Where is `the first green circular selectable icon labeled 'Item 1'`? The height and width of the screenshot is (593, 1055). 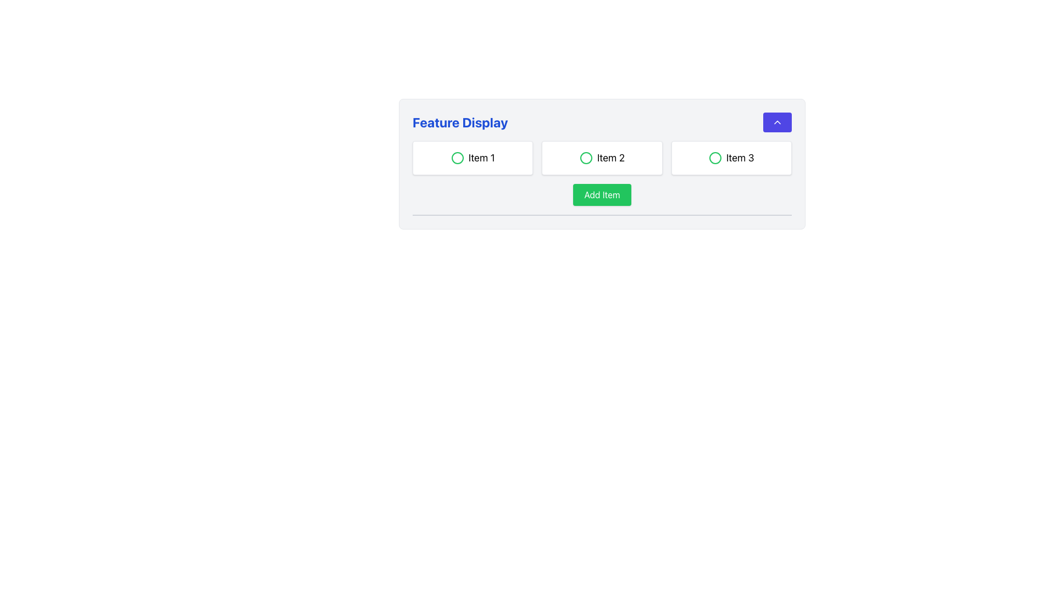
the first green circular selectable icon labeled 'Item 1' is located at coordinates (457, 158).